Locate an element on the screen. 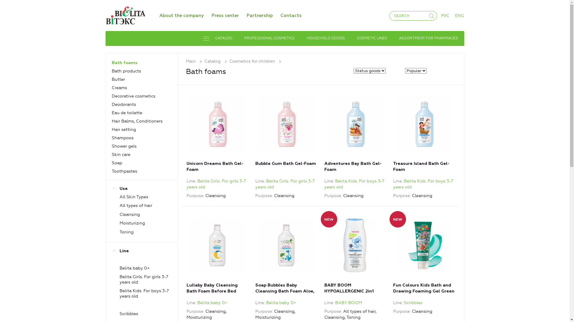  'Skin care' is located at coordinates (112, 154).